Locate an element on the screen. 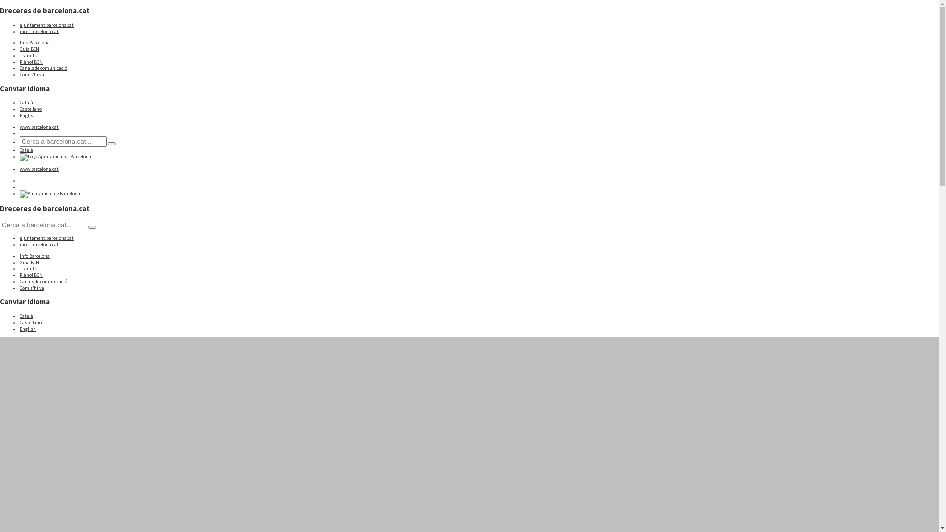 The width and height of the screenshot is (946, 532). 'English' is located at coordinates (28, 115).